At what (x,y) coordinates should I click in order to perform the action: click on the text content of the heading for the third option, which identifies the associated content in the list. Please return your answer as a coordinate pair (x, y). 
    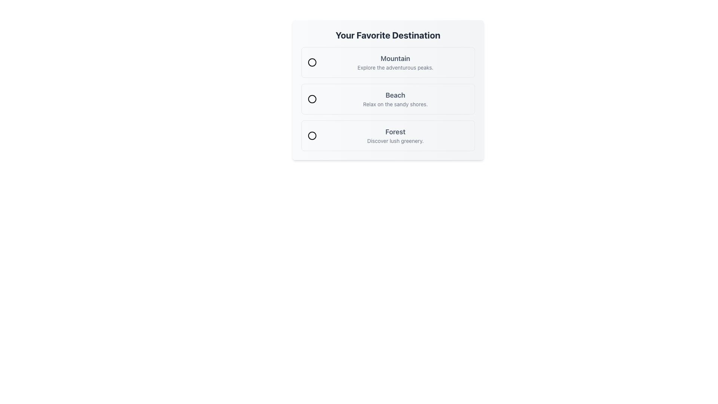
    Looking at the image, I should click on (395, 132).